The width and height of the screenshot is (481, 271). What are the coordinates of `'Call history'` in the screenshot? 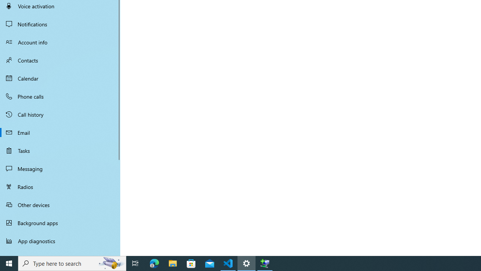 It's located at (60, 114).